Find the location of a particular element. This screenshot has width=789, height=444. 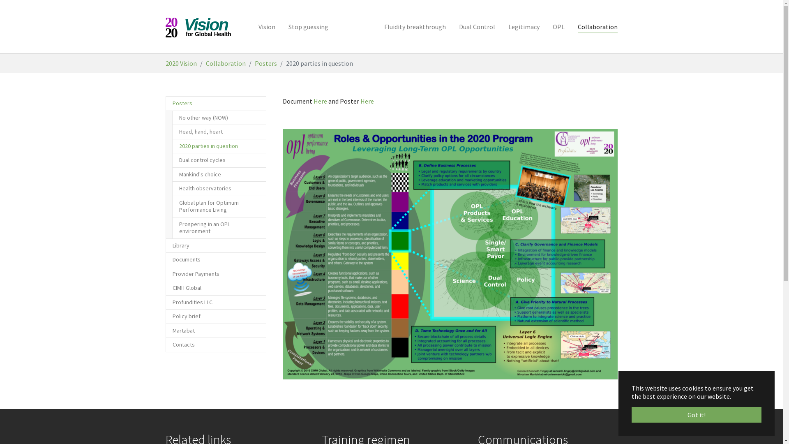

'Vision' is located at coordinates (267, 26).